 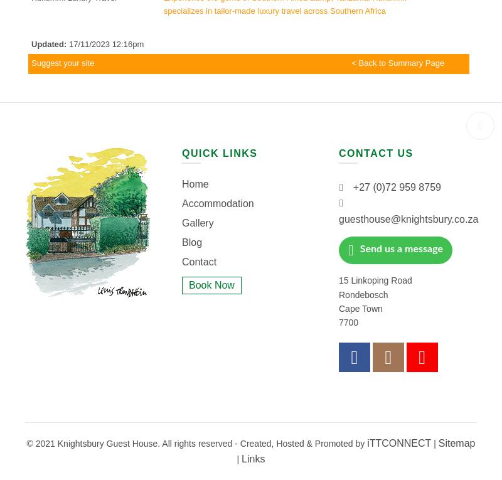 What do you see at coordinates (188, 284) in the screenshot?
I see `'Book Now'` at bounding box center [188, 284].